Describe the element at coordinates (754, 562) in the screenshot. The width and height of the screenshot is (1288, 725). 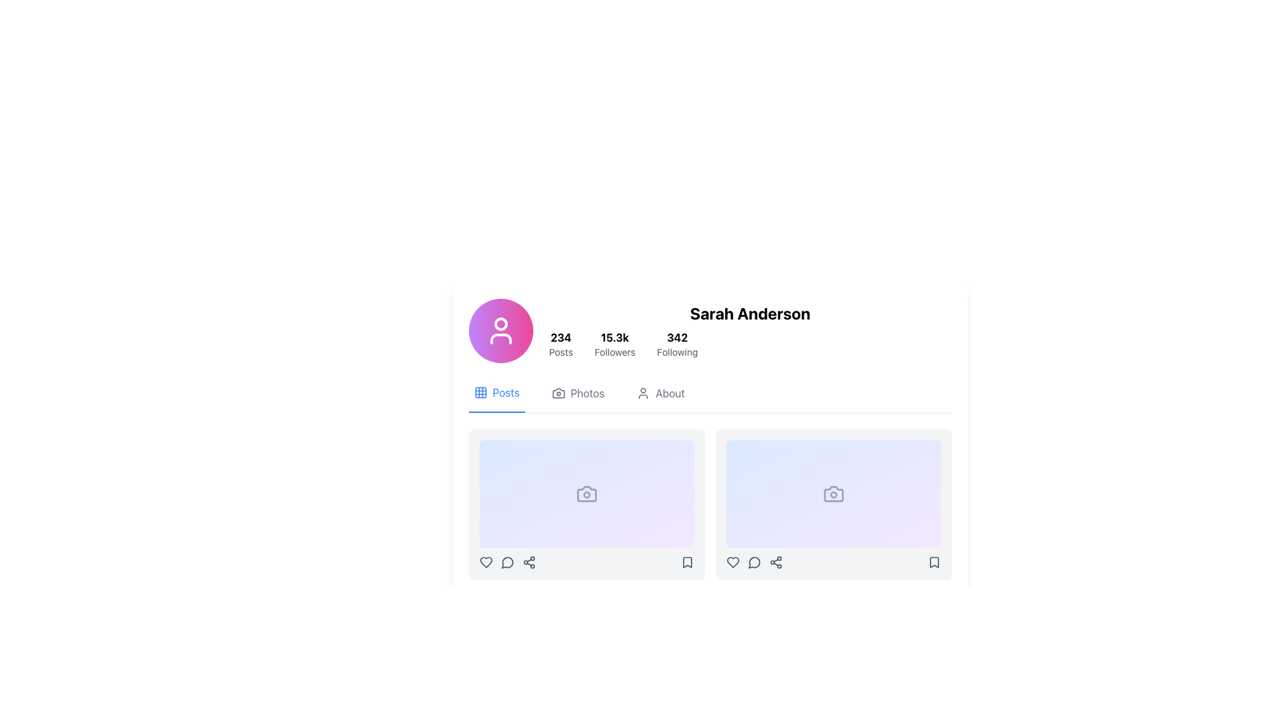
I see `the circular icon button resembling a speech bubble, which is the second icon from the left beneath the second image post` at that location.